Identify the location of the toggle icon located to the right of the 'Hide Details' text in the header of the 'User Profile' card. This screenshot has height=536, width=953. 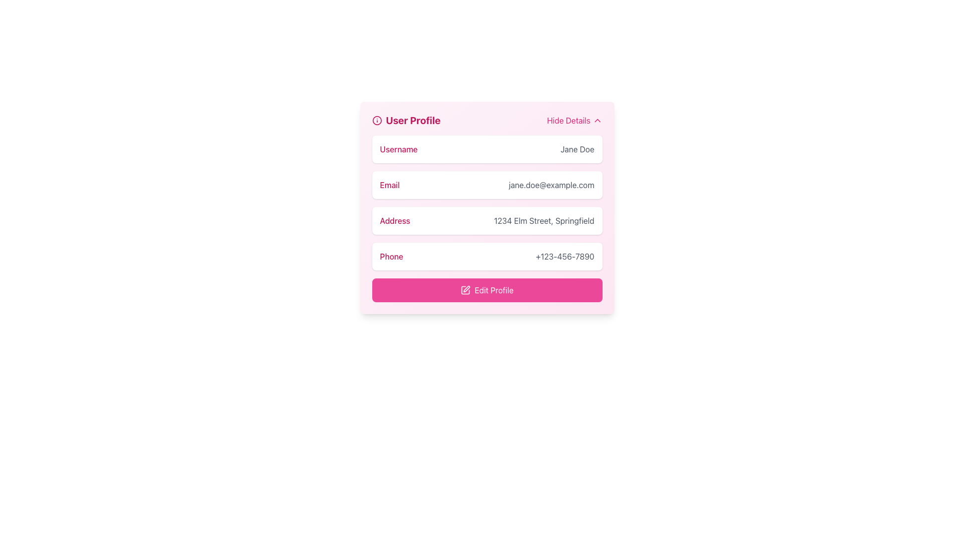
(597, 120).